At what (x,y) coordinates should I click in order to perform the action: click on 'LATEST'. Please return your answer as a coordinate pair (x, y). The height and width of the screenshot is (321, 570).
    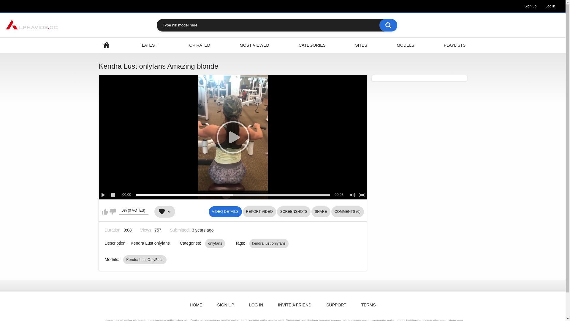
    Looking at the image, I should click on (150, 45).